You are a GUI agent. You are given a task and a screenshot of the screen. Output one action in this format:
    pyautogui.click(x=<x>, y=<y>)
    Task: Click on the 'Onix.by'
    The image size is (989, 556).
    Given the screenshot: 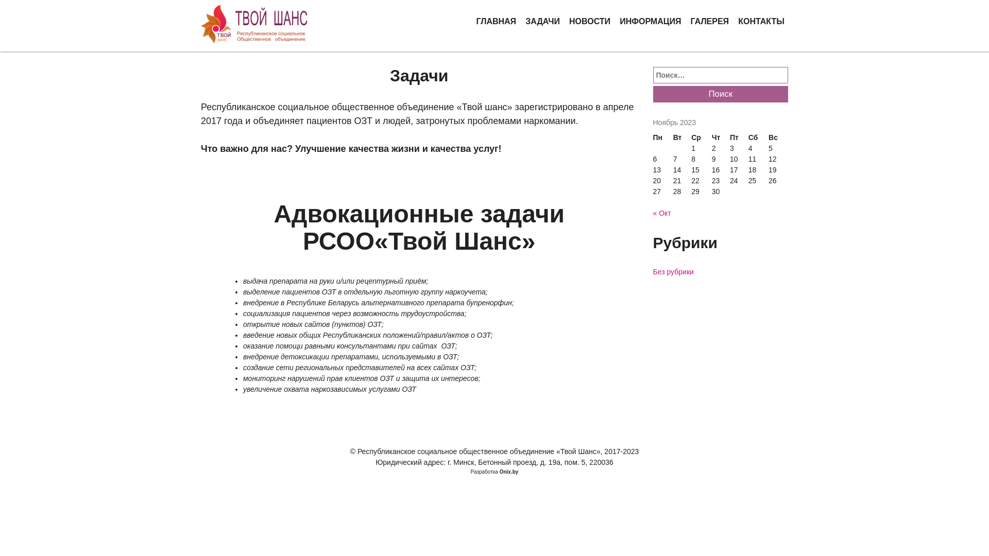 What is the action you would take?
    pyautogui.click(x=499, y=472)
    